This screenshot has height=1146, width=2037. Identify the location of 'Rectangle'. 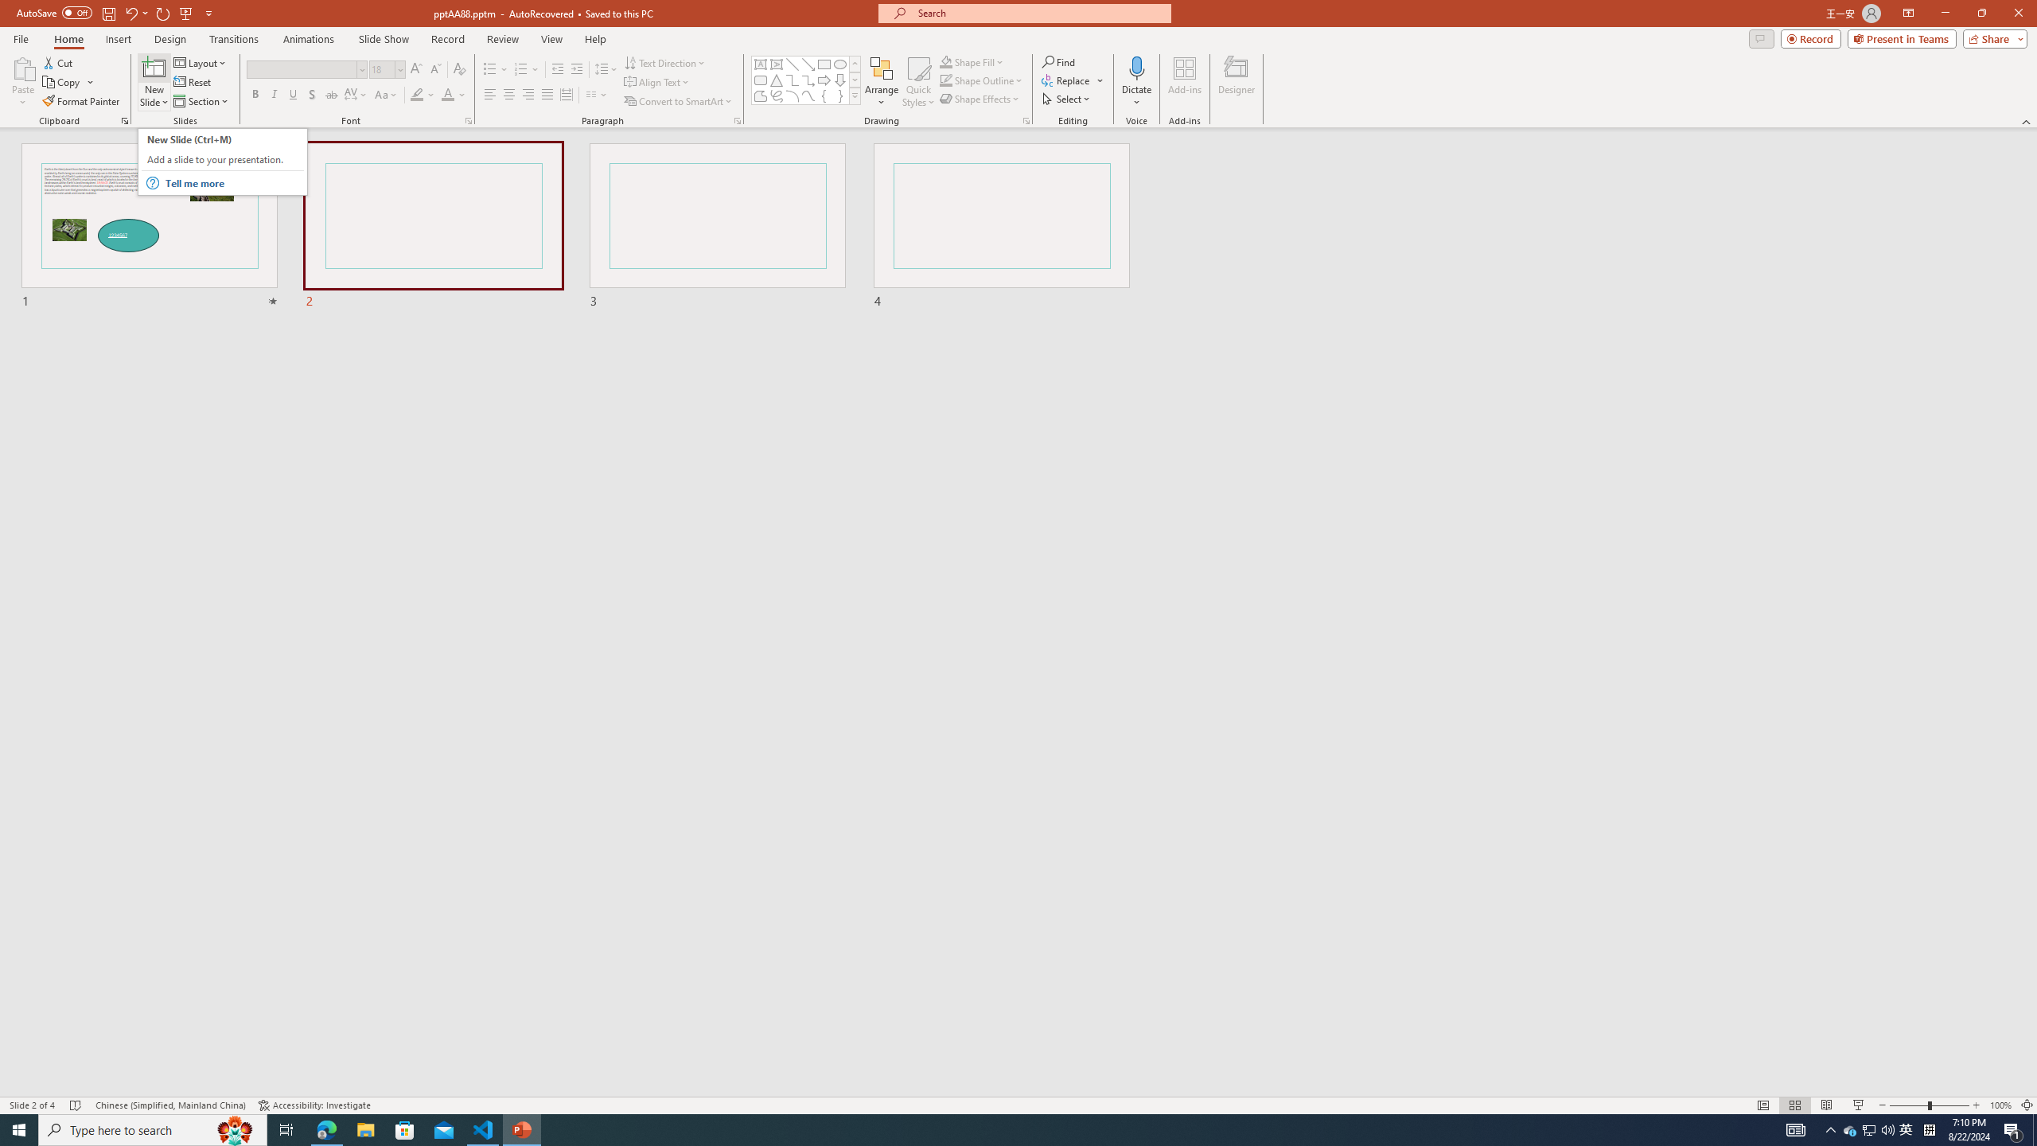
(824, 64).